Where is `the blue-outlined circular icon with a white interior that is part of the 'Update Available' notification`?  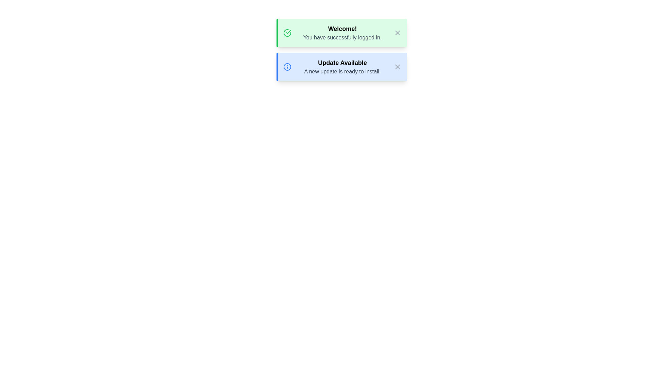
the blue-outlined circular icon with a white interior that is part of the 'Update Available' notification is located at coordinates (287, 67).